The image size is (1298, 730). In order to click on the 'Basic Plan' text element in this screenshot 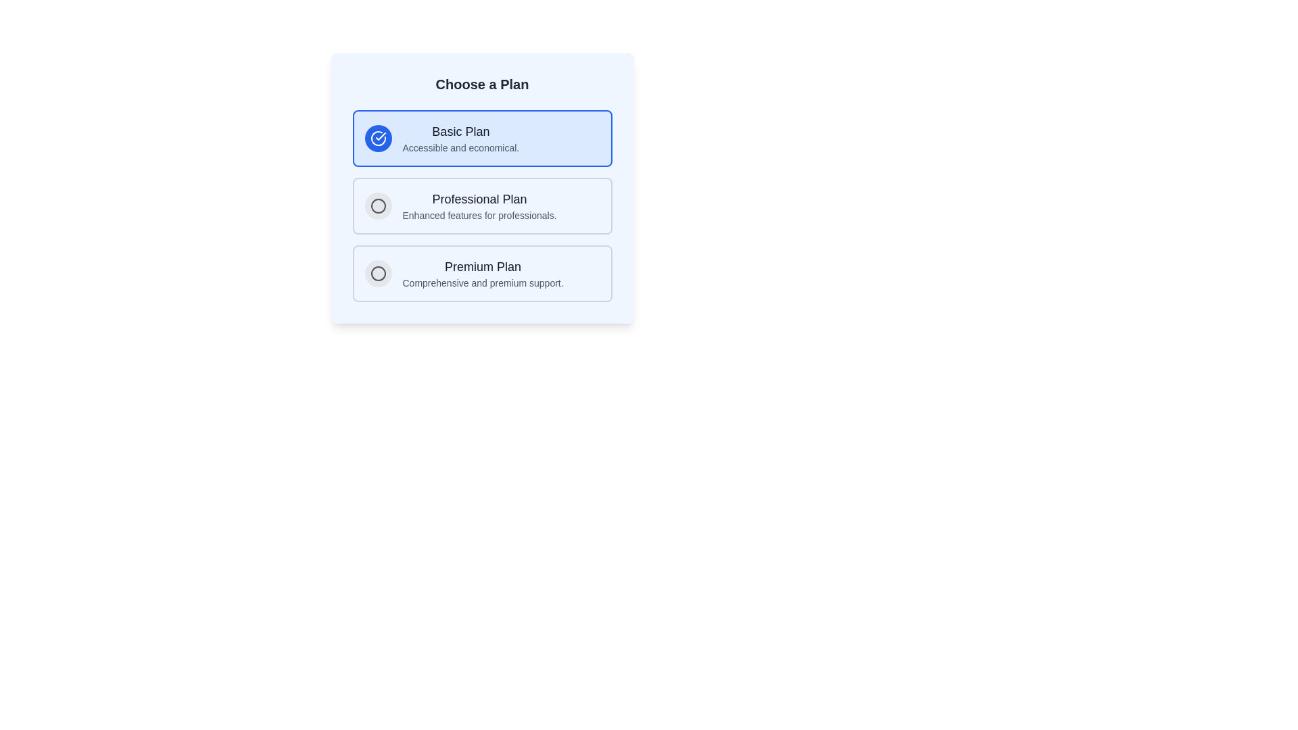, I will do `click(460, 132)`.